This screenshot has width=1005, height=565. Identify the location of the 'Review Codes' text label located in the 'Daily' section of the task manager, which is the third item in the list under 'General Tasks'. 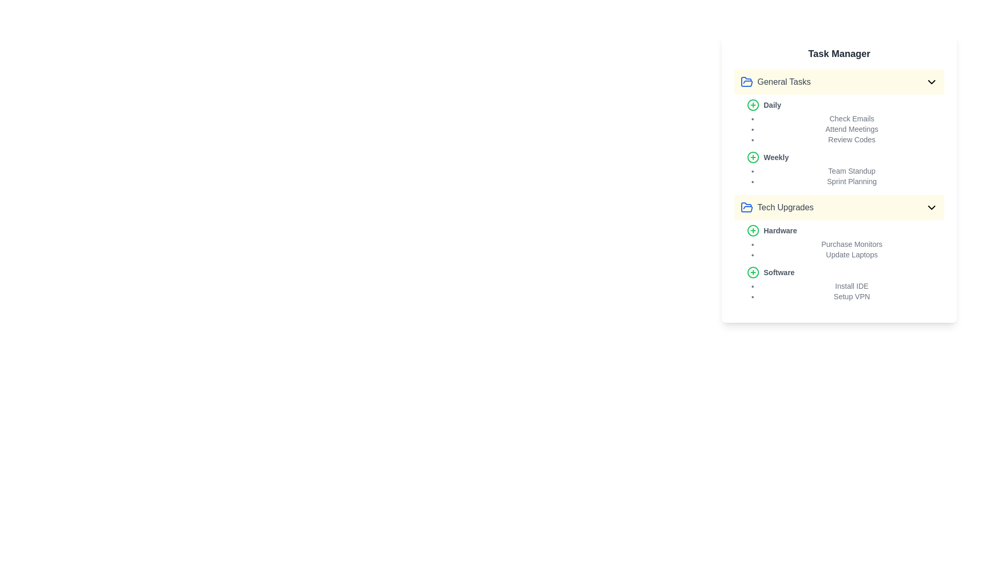
(852, 139).